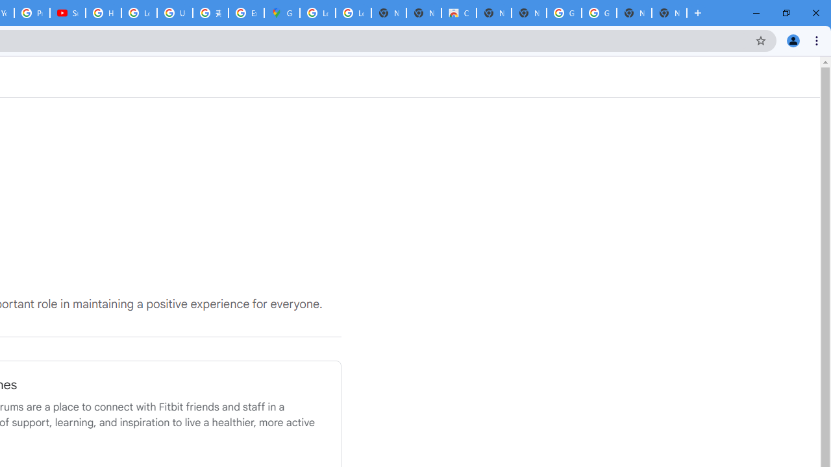 The height and width of the screenshot is (467, 831). Describe the element at coordinates (281, 13) in the screenshot. I see `'Google Maps'` at that location.